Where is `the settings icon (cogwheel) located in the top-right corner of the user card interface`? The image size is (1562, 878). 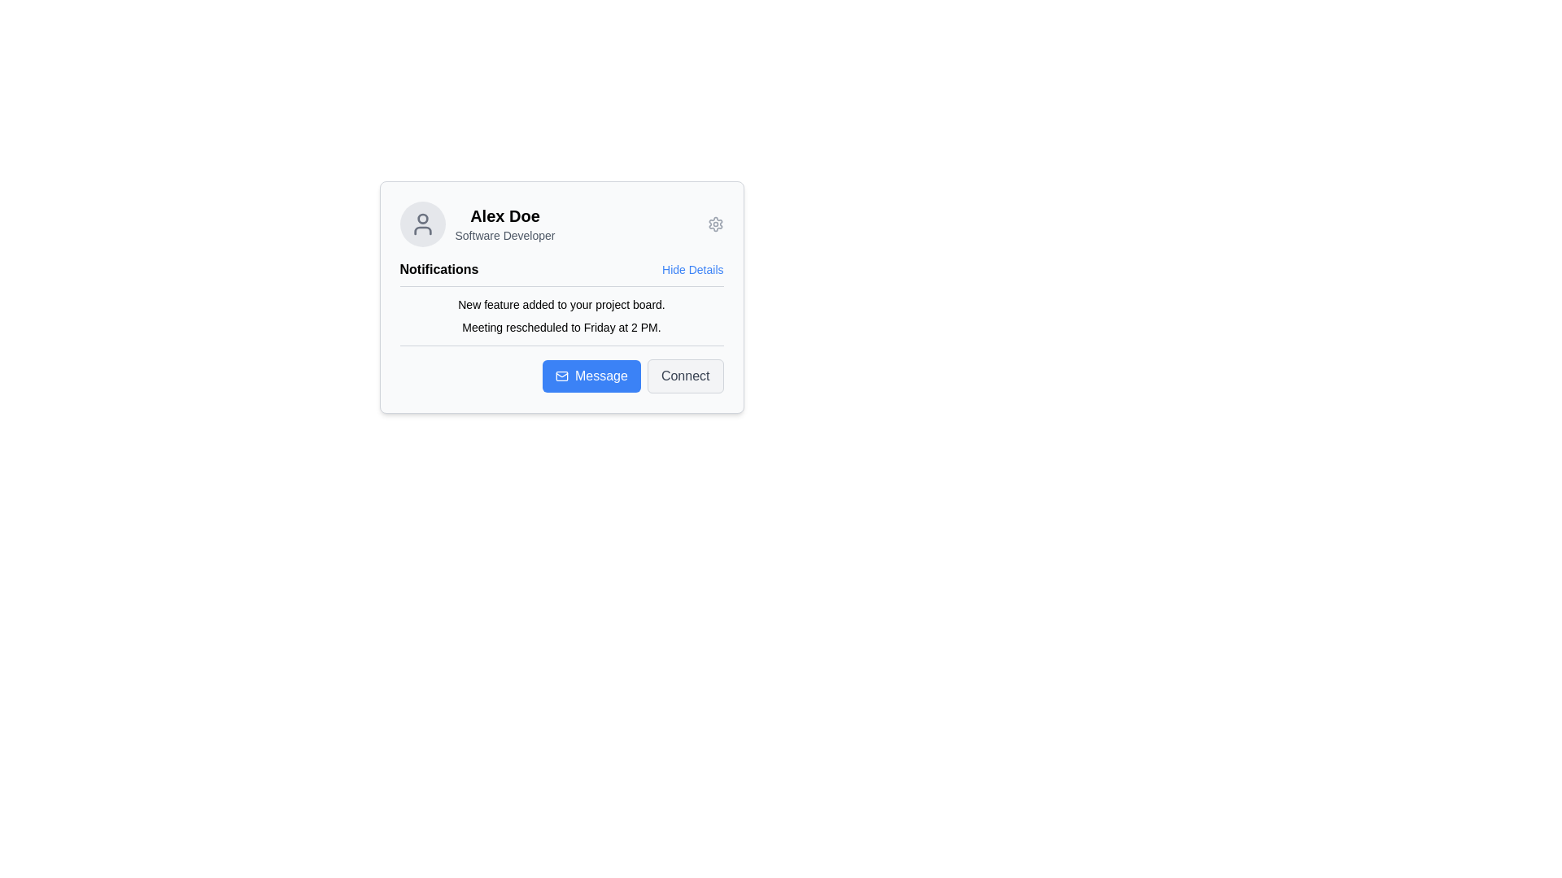
the settings icon (cogwheel) located in the top-right corner of the user card interface is located at coordinates (715, 224).